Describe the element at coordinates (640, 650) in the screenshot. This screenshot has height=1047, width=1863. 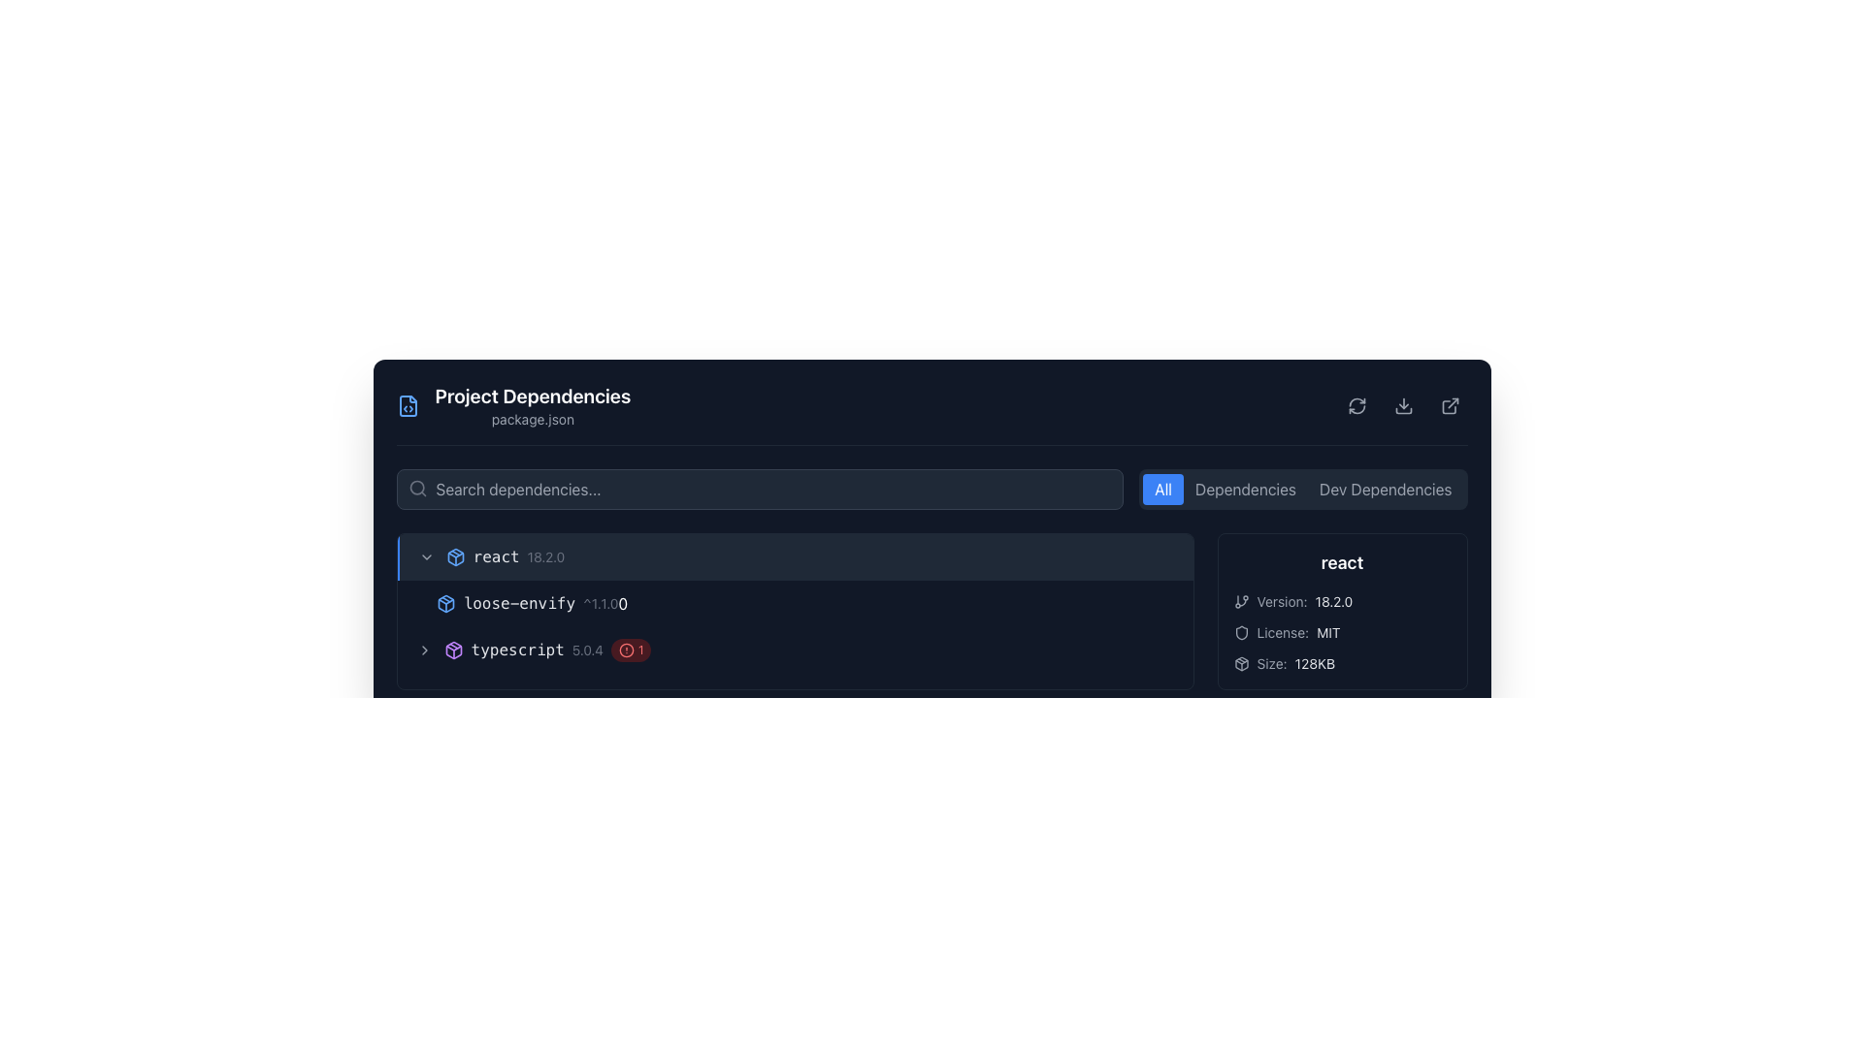
I see `the text element displaying the number '1' in red color, which is part of a badge-like design and located to the right of the 'typescript' dependency` at that location.